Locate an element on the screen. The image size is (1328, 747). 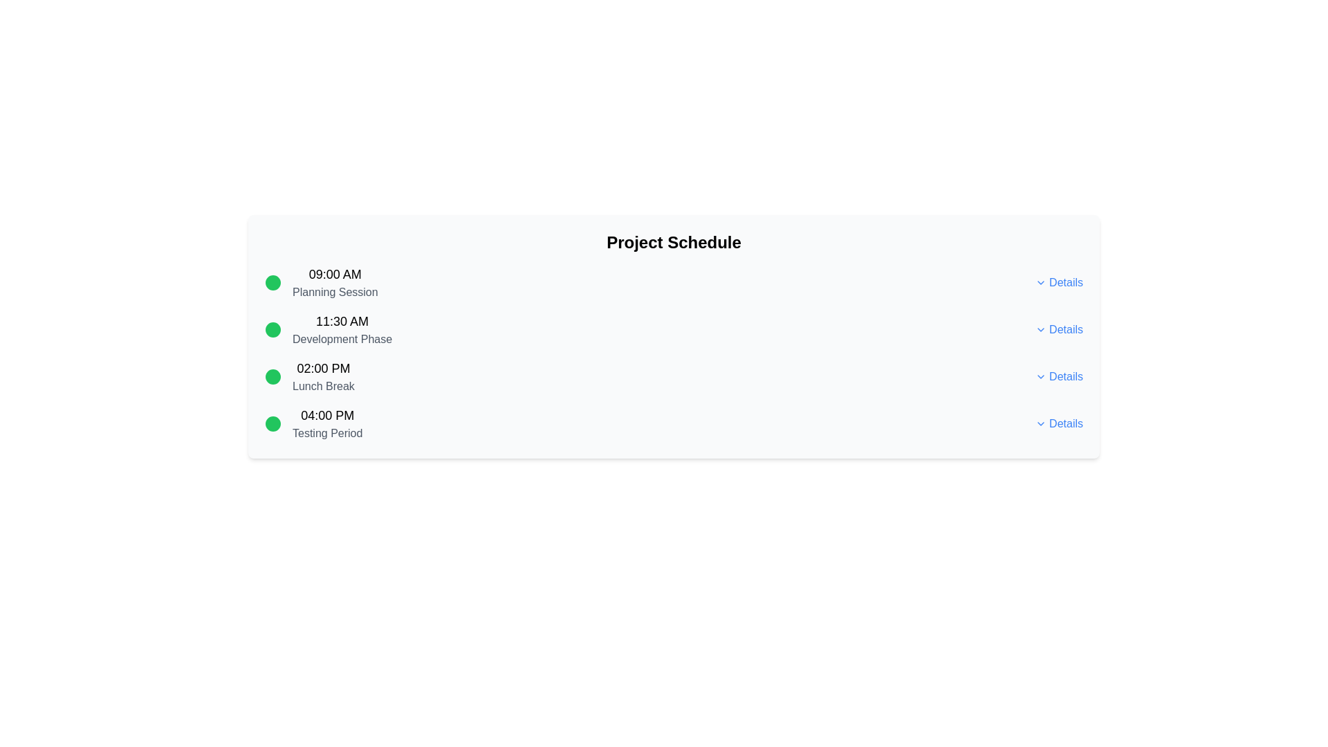
the expand/collapse icon located in the first row of the list, within the 'Details' area, preceding the text 'Details' is located at coordinates (1041, 282).